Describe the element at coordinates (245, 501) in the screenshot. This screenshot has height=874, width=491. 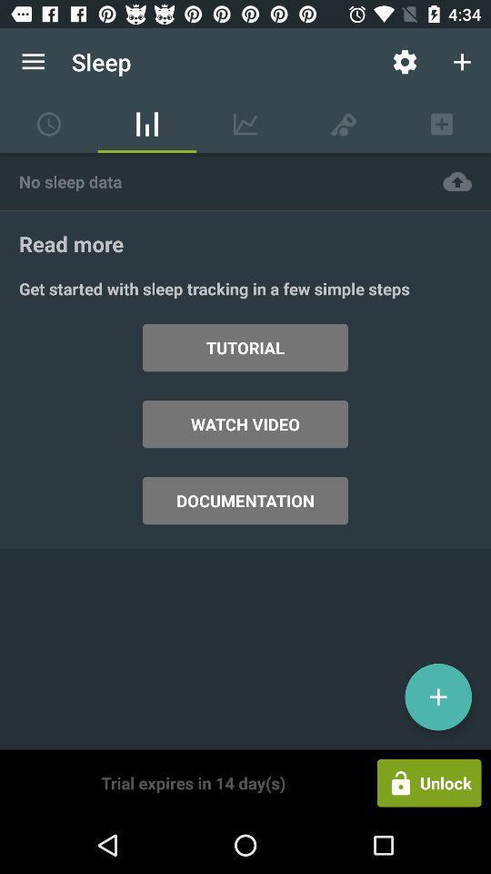
I see `the icon below watch video` at that location.